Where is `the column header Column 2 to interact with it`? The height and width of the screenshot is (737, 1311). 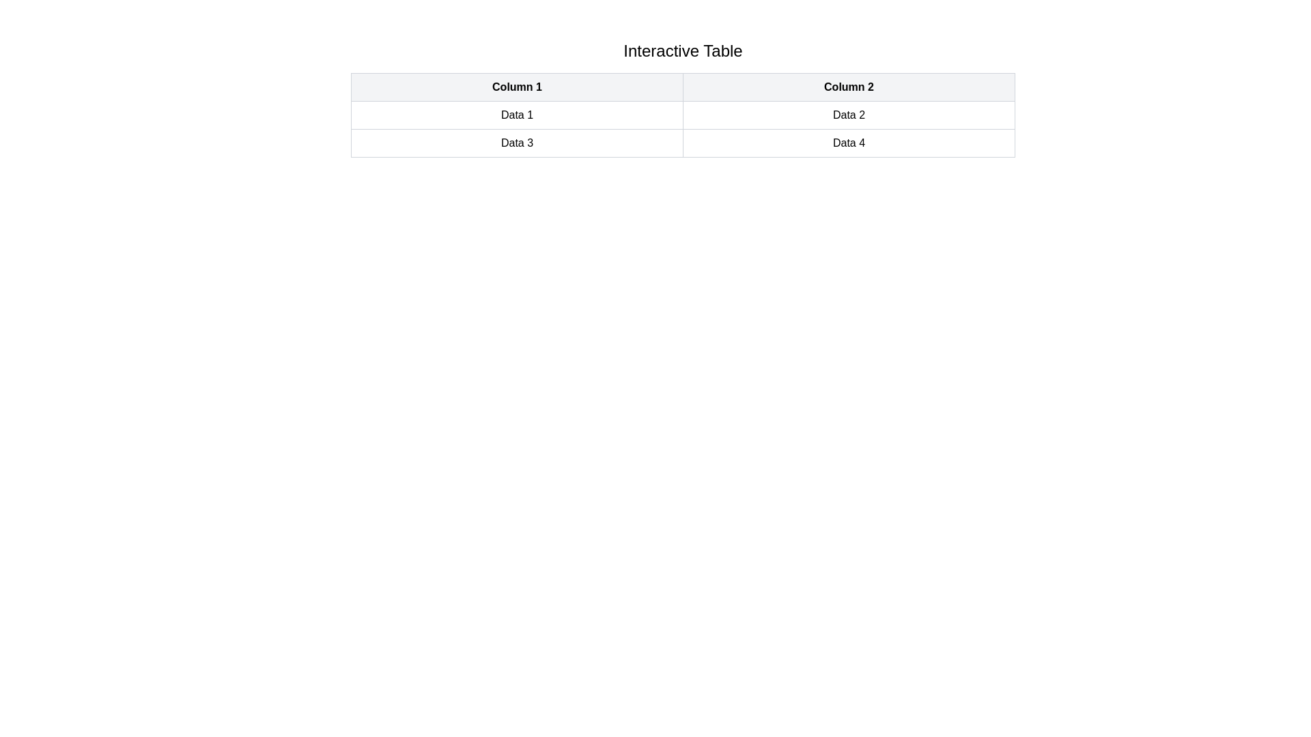
the column header Column 2 to interact with it is located at coordinates (848, 87).